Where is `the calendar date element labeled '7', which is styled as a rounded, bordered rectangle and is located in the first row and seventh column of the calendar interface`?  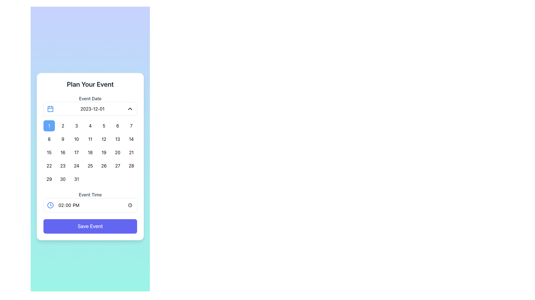 the calendar date element labeled '7', which is styled as a rounded, bordered rectangle and is located in the first row and seventh column of the calendar interface is located at coordinates (131, 126).